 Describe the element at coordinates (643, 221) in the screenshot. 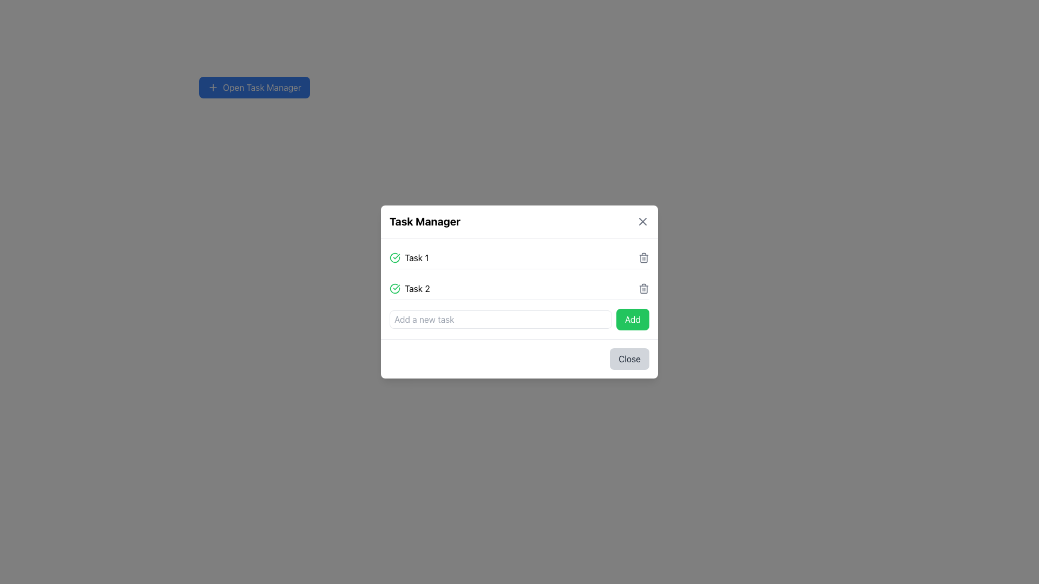

I see `the red-bordered, grey-colored 'X' close button located in the top-right corner of the 'Task Manager' modal dialog to change its color to red` at that location.